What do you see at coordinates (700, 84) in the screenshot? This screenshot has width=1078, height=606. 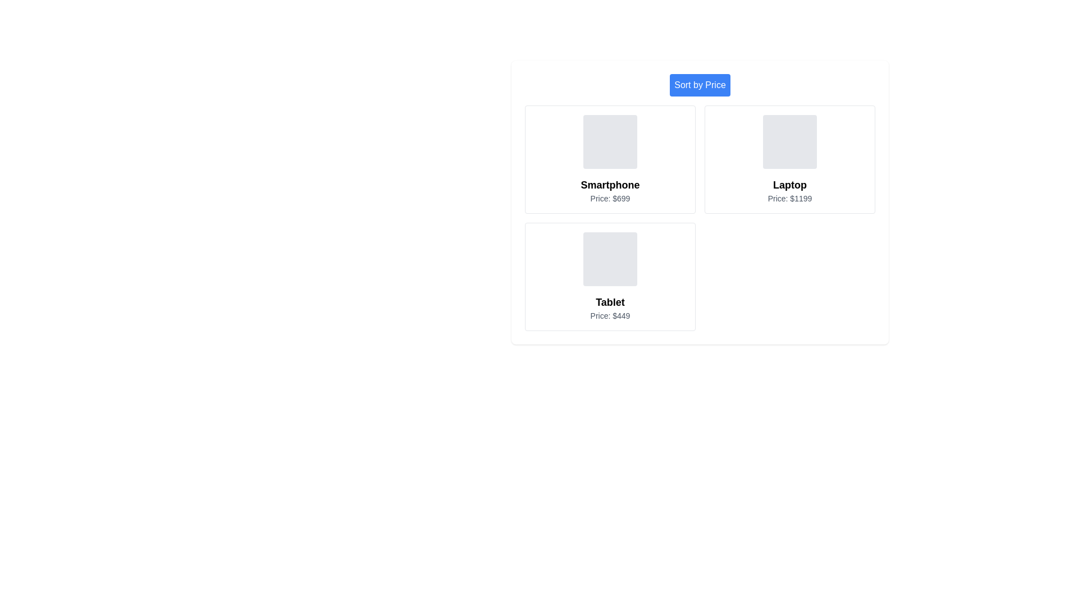 I see `the 'Sort by Price' button to sort the products` at bounding box center [700, 84].